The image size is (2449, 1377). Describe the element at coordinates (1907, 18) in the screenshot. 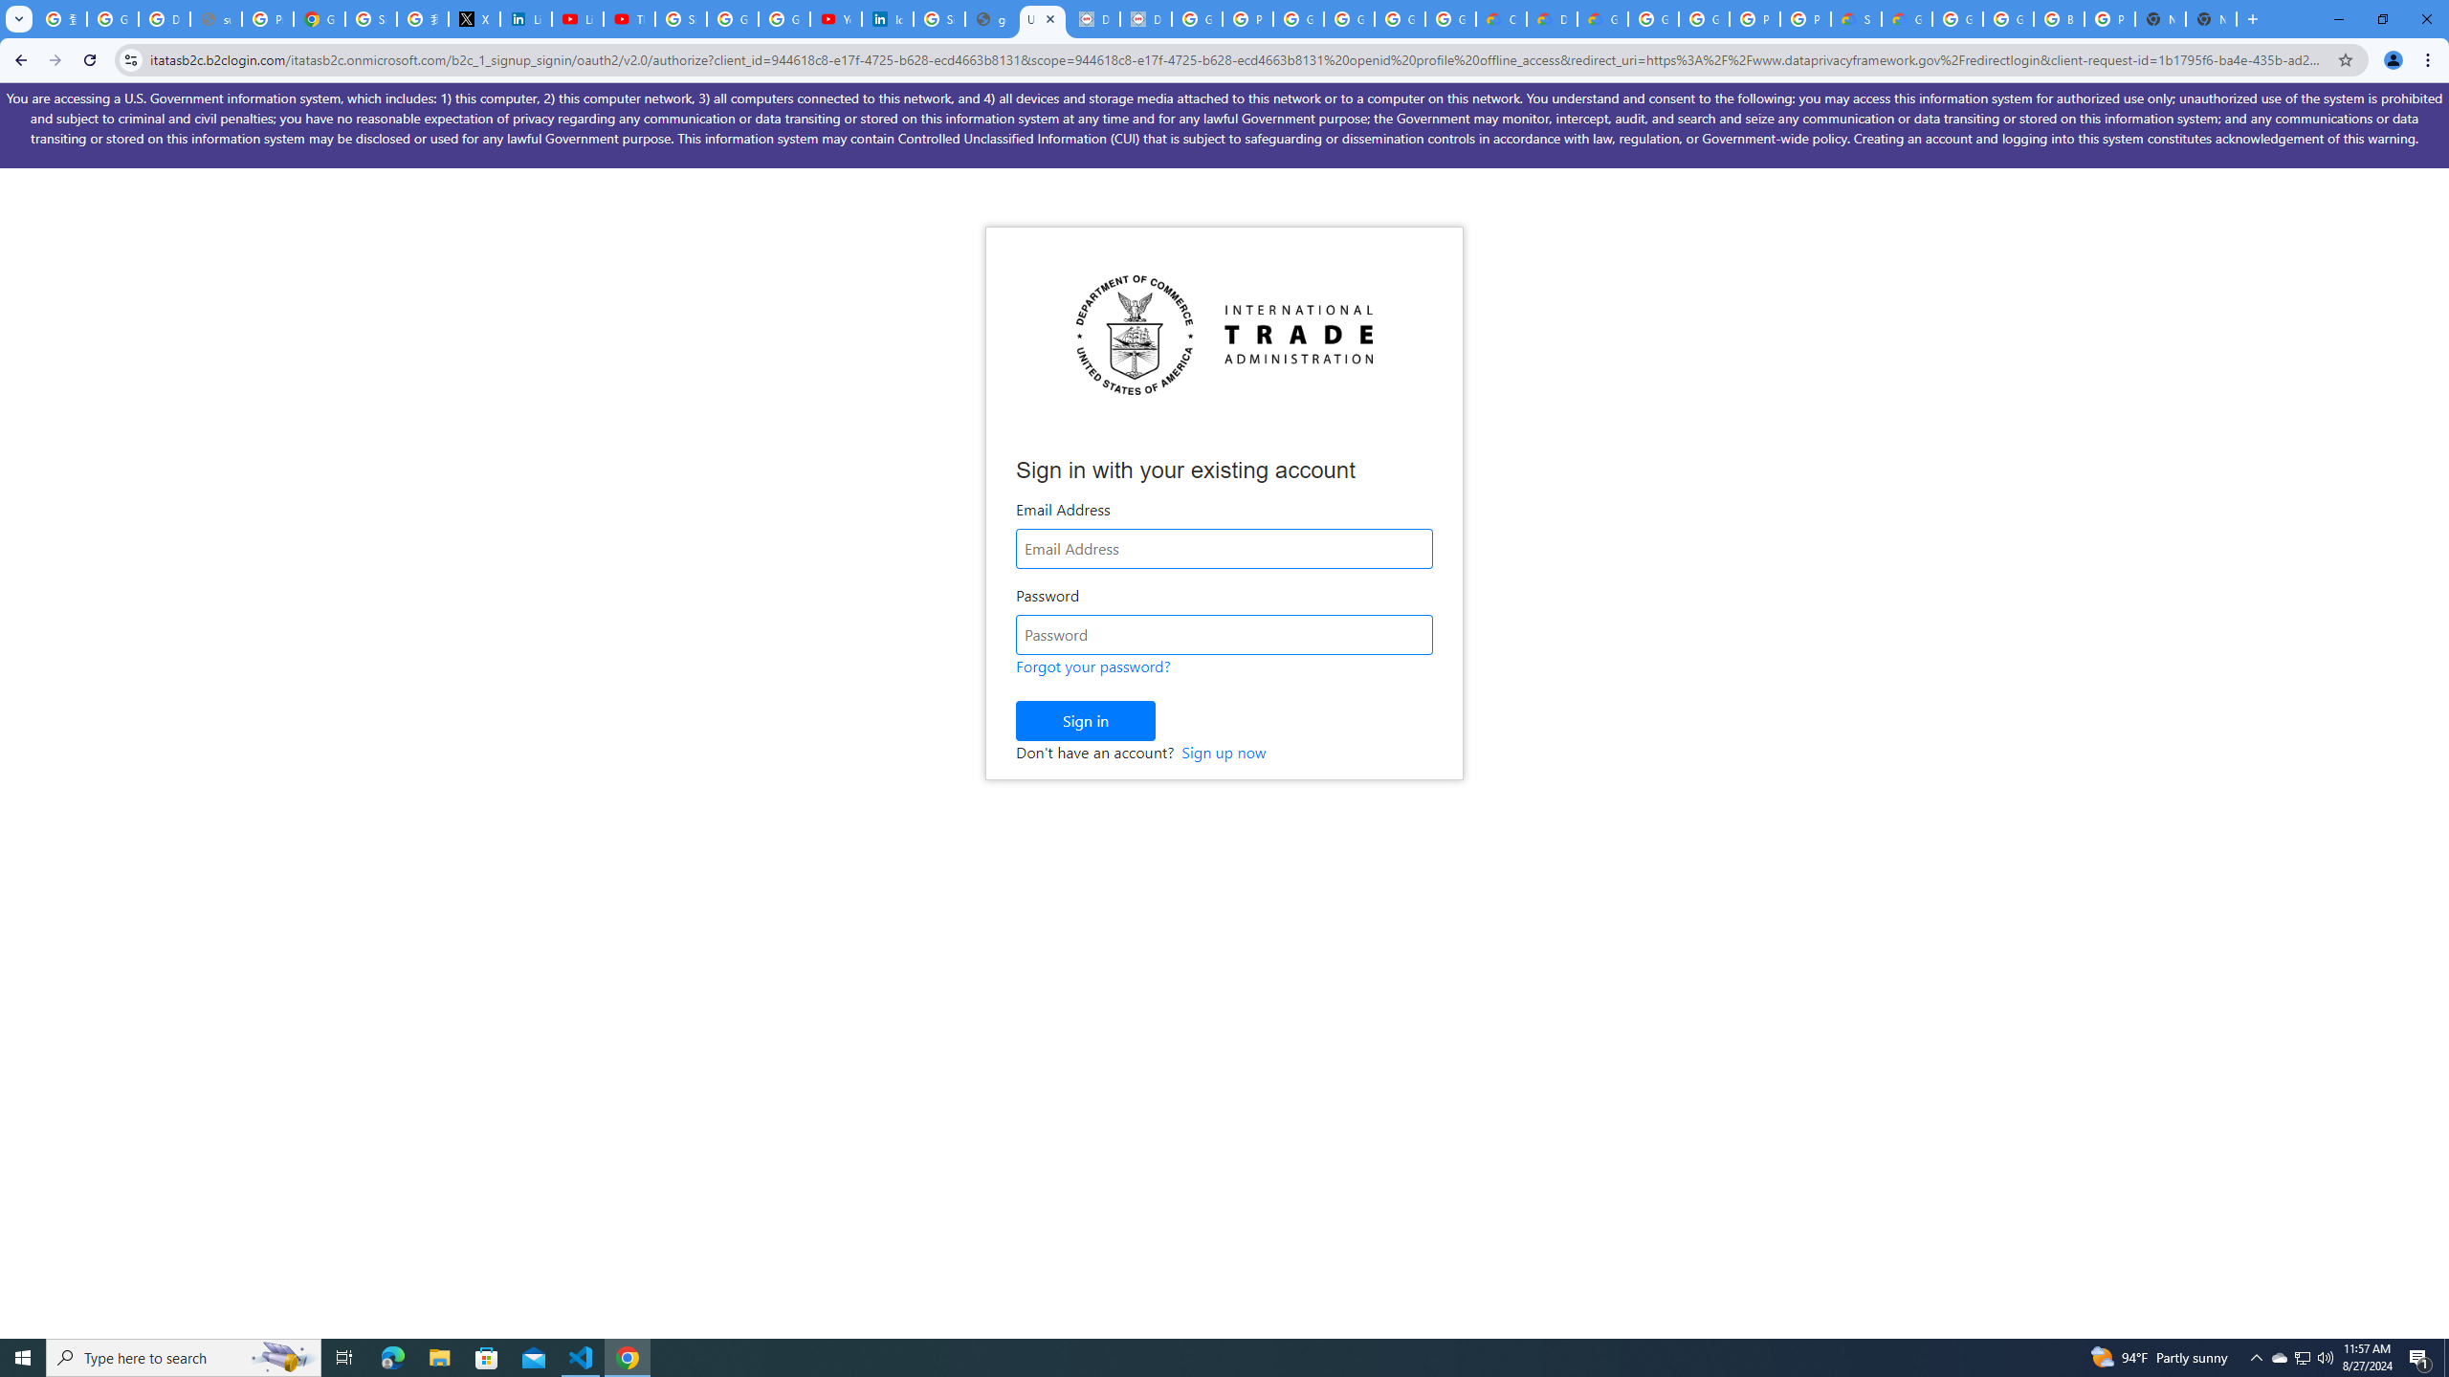

I see `'Google Cloud Service Health'` at that location.